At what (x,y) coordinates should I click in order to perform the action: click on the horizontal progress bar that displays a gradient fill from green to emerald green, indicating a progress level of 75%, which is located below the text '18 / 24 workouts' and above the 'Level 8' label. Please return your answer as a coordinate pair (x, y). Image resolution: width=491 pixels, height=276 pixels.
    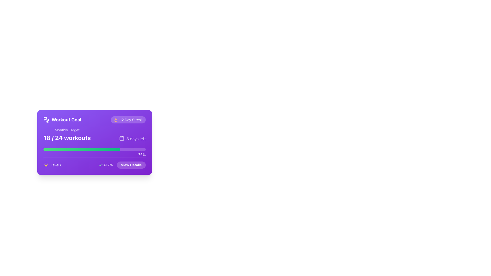
    Looking at the image, I should click on (94, 149).